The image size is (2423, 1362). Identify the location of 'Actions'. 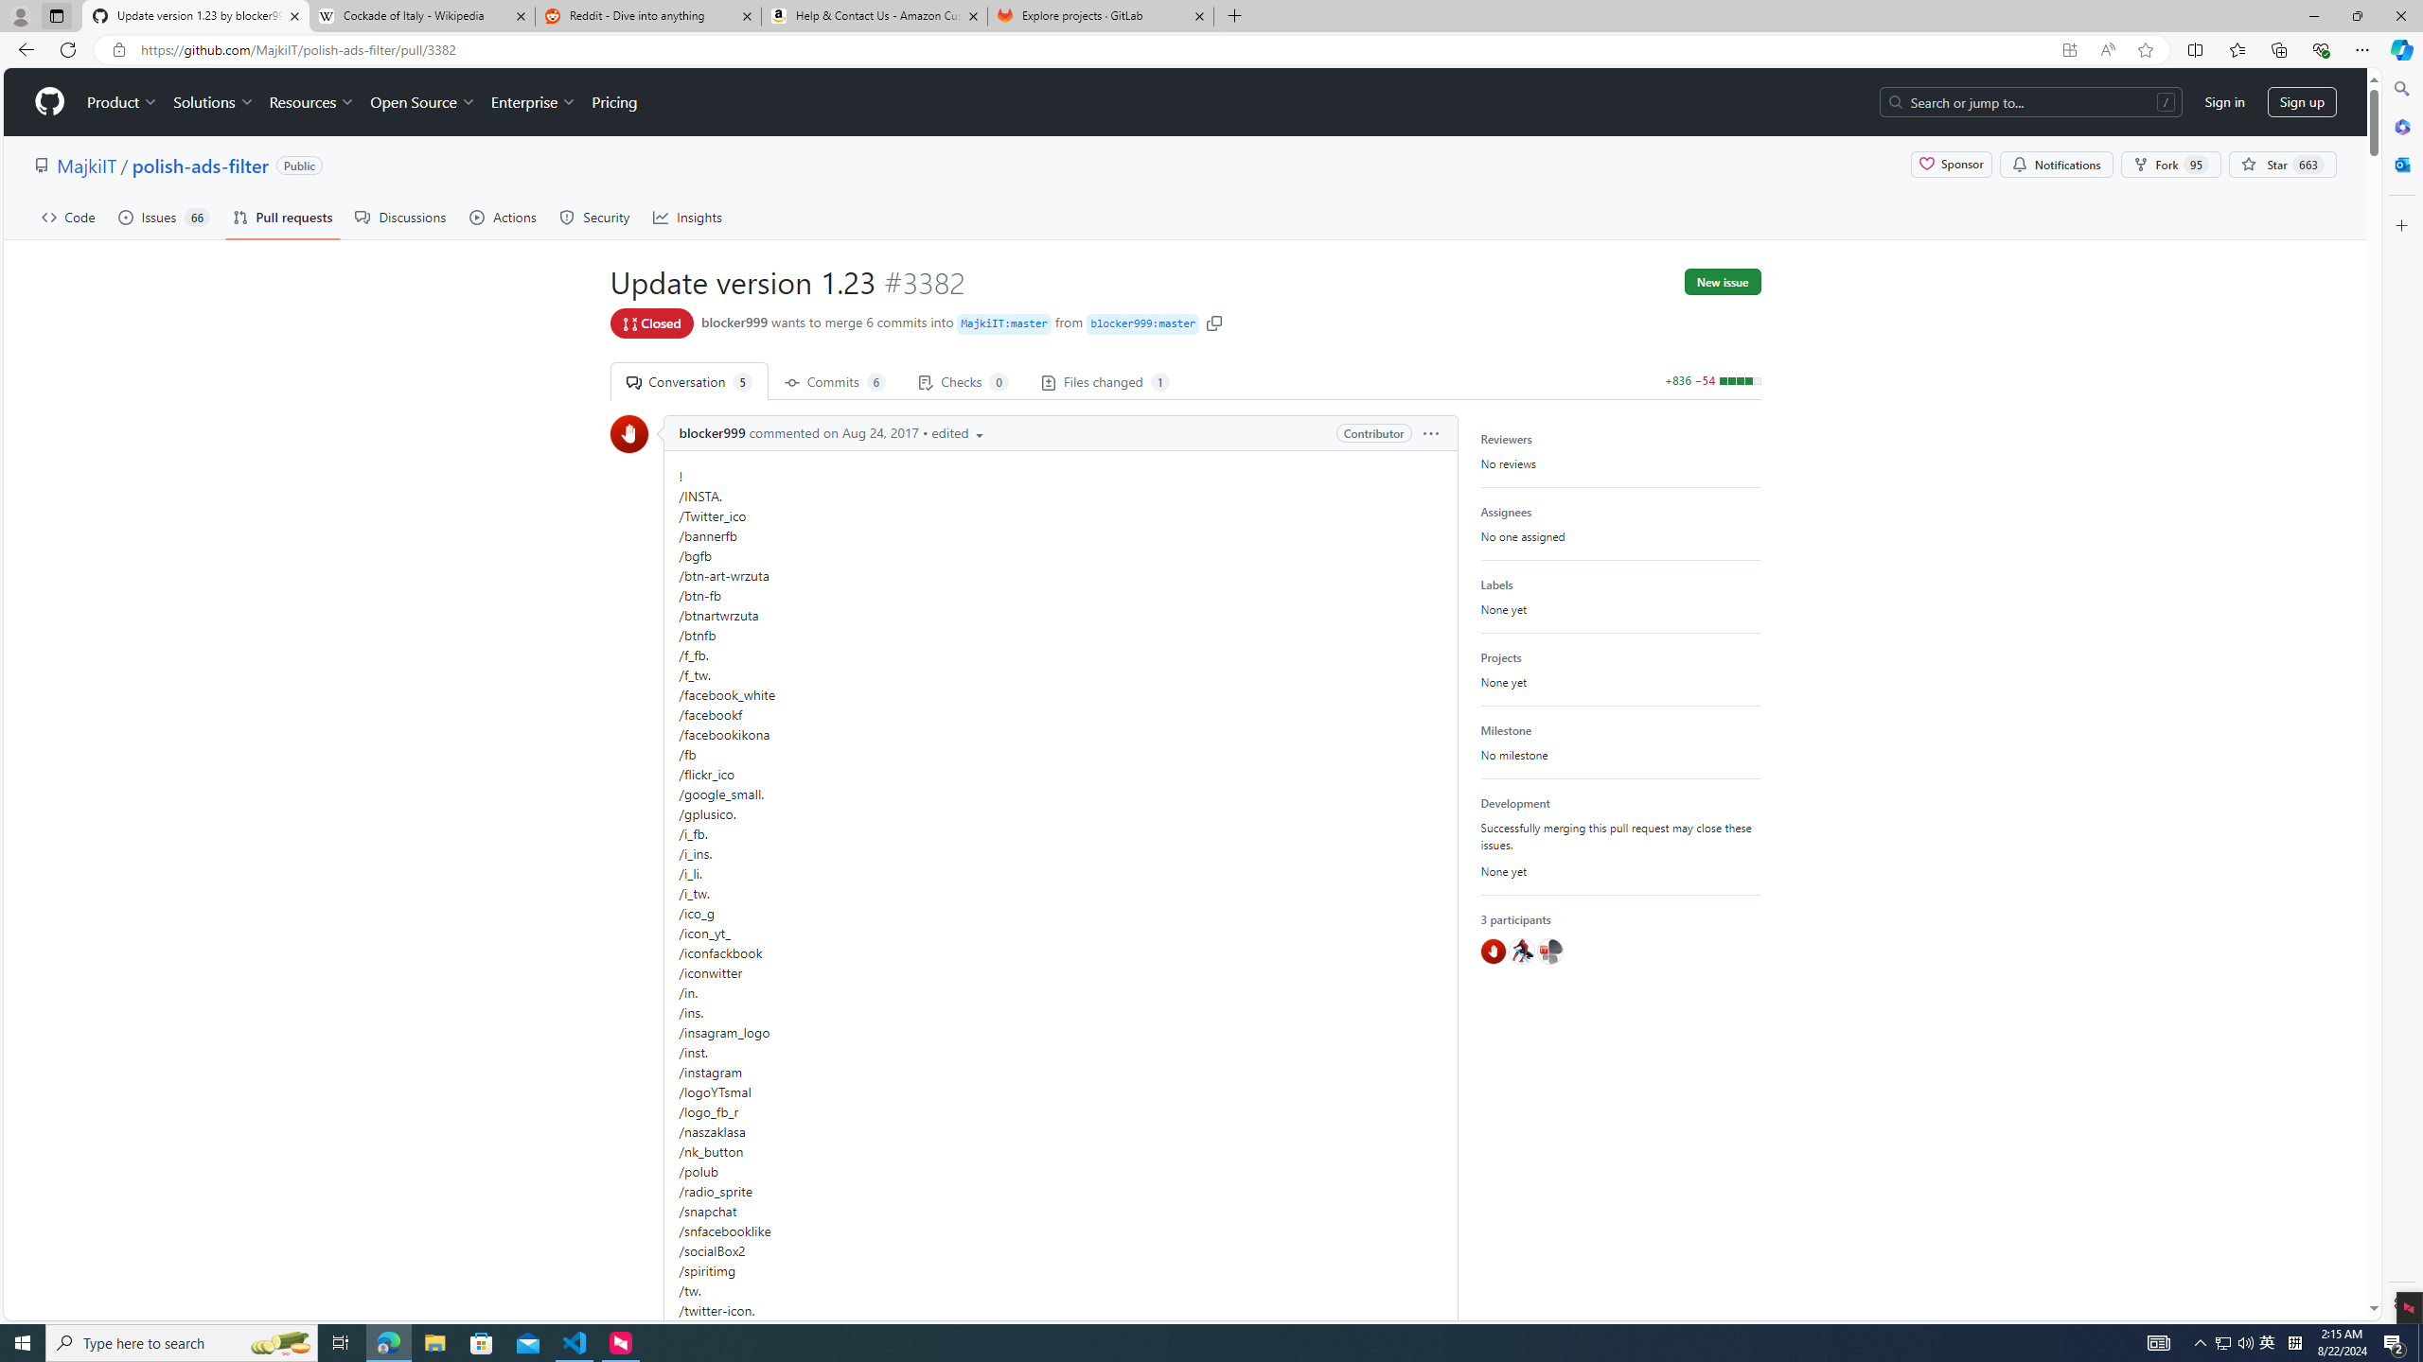
(503, 217).